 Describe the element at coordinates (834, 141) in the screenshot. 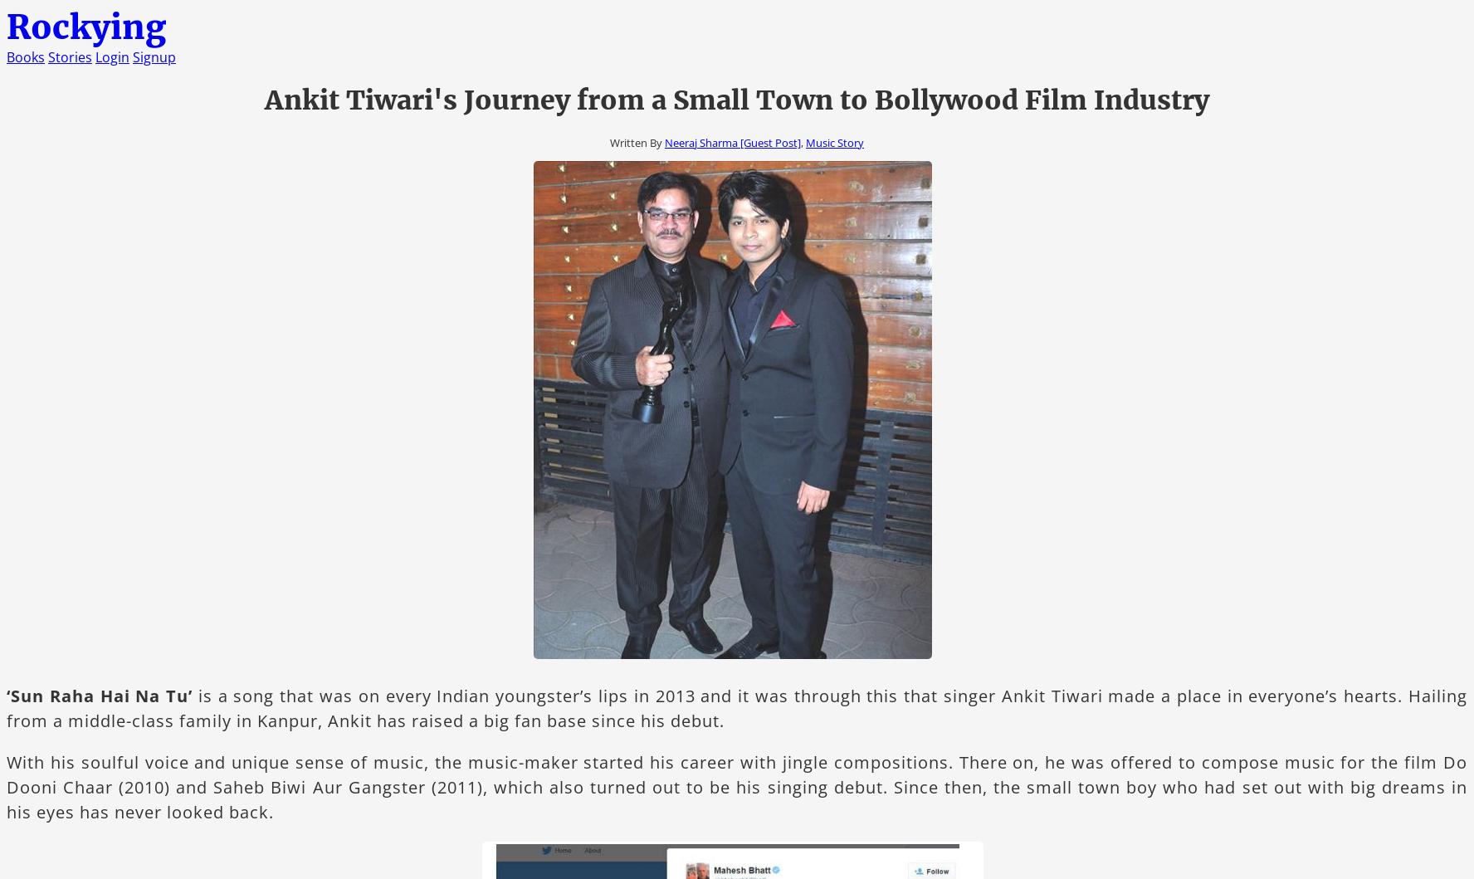

I see `'Music Story'` at that location.